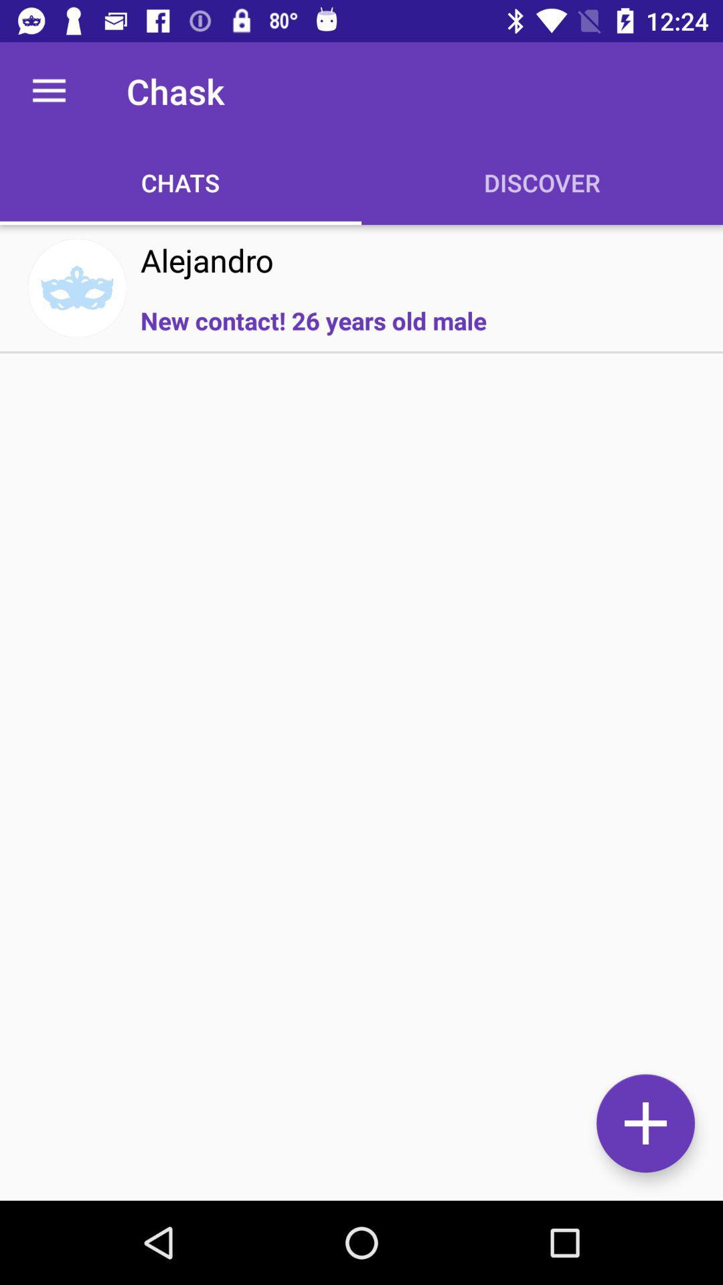 The height and width of the screenshot is (1285, 723). What do you see at coordinates (207, 260) in the screenshot?
I see `the alejandro item` at bounding box center [207, 260].